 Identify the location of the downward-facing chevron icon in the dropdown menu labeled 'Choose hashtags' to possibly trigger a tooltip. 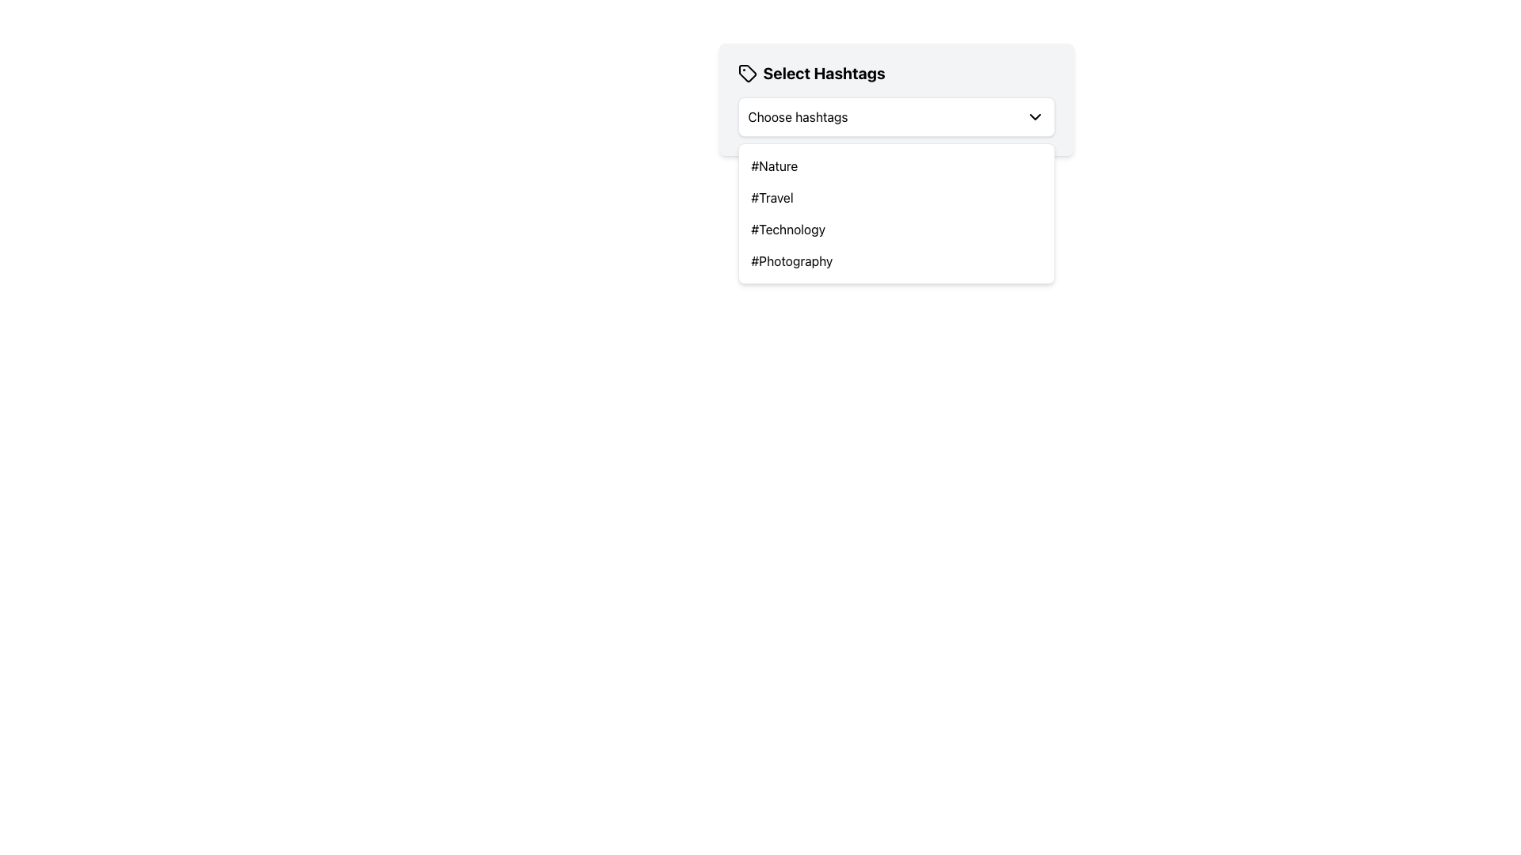
(1035, 116).